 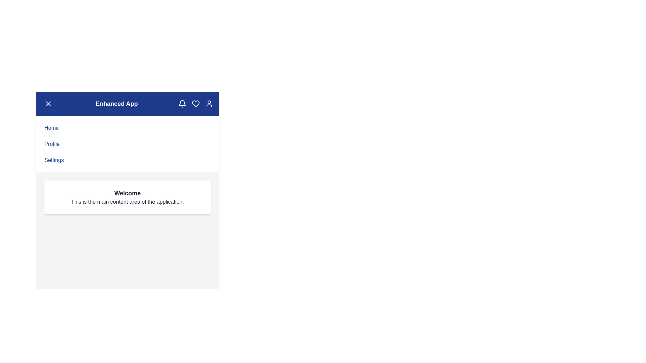 What do you see at coordinates (209, 104) in the screenshot?
I see `the user profile icon located at the top-right corner of the app bar` at bounding box center [209, 104].